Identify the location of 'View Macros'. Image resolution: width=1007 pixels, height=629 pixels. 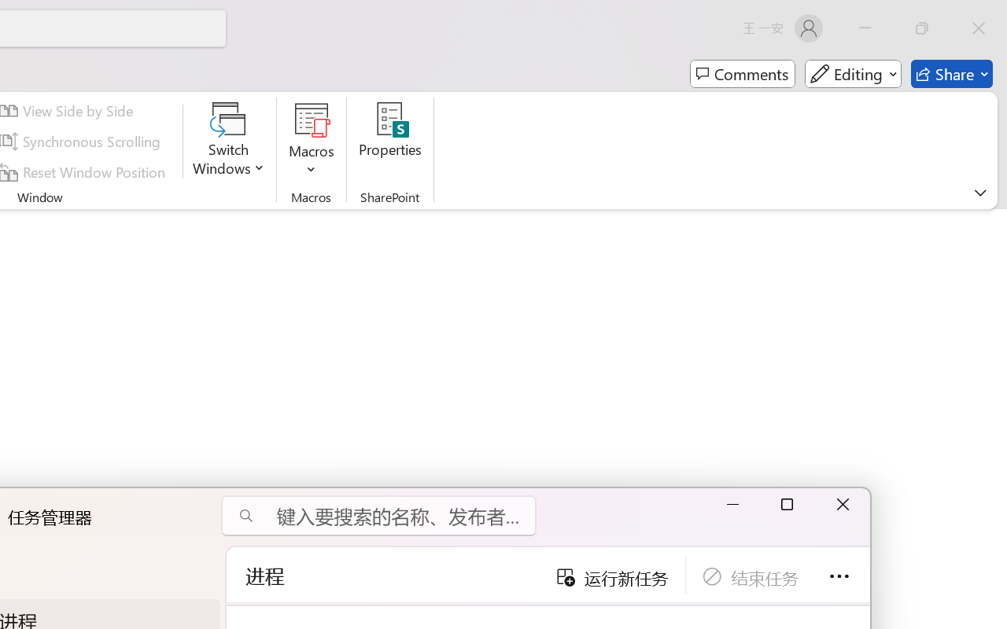
(312, 119).